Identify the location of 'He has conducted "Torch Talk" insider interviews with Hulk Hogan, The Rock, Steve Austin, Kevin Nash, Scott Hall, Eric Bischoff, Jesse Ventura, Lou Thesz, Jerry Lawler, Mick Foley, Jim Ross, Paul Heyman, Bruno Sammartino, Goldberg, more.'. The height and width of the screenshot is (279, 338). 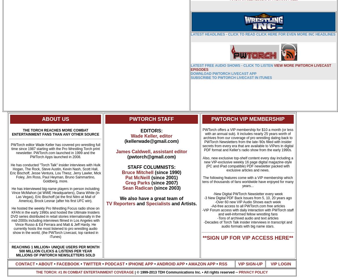
(55, 173).